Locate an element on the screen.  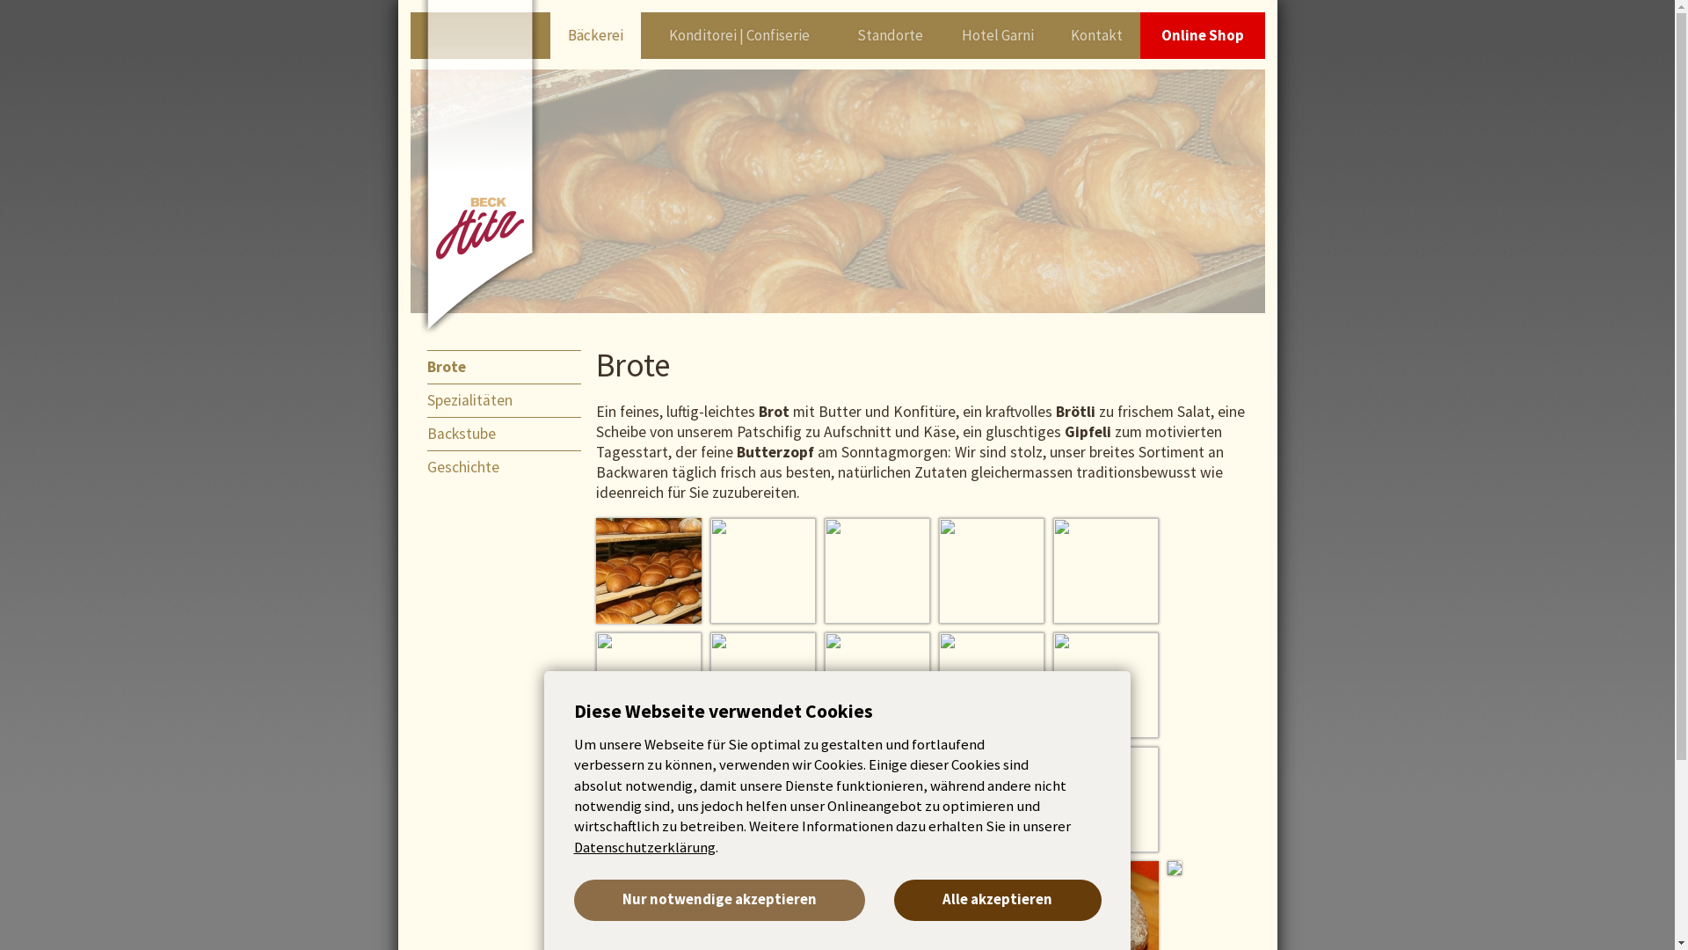
'Hotel Garni' is located at coordinates (997, 35).